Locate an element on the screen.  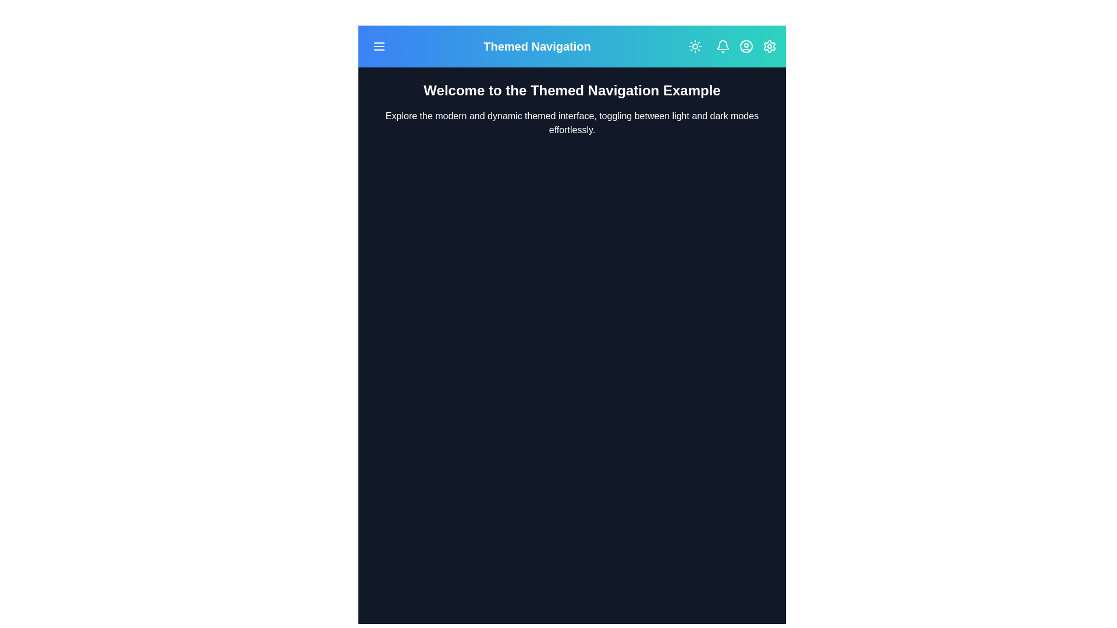
the sun/moon icon to toggle the dark mode is located at coordinates (695, 46).